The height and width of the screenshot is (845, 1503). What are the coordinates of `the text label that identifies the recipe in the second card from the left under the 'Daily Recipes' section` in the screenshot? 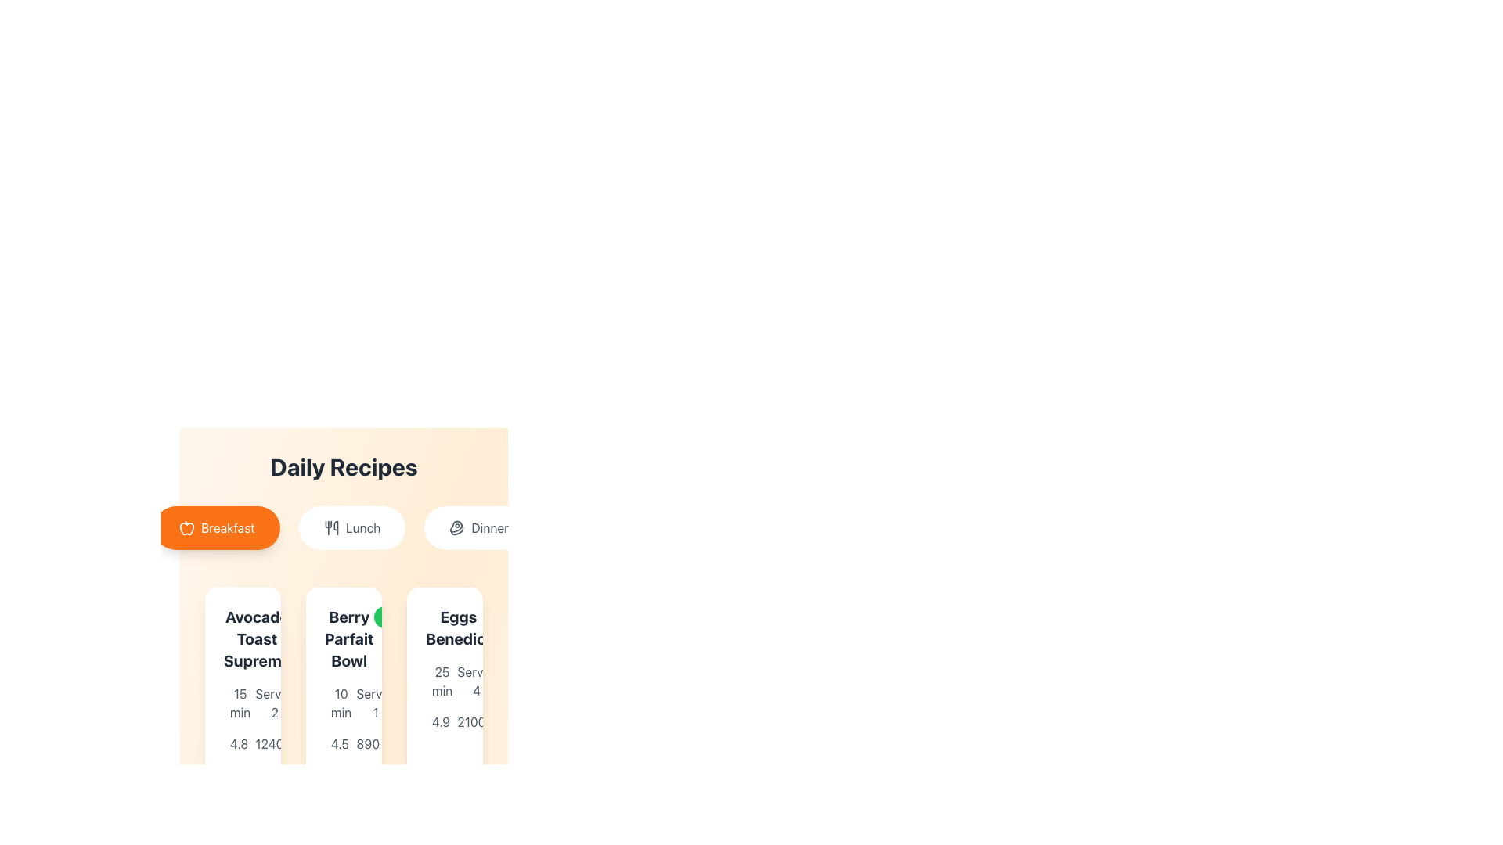 It's located at (343, 639).